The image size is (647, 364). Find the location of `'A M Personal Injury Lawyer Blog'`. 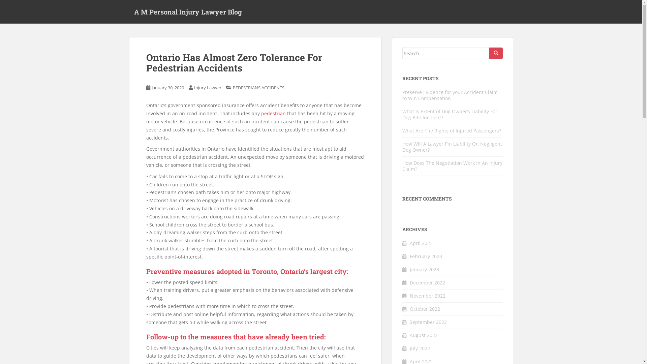

'A M Personal Injury Lawyer Blog' is located at coordinates (187, 11).